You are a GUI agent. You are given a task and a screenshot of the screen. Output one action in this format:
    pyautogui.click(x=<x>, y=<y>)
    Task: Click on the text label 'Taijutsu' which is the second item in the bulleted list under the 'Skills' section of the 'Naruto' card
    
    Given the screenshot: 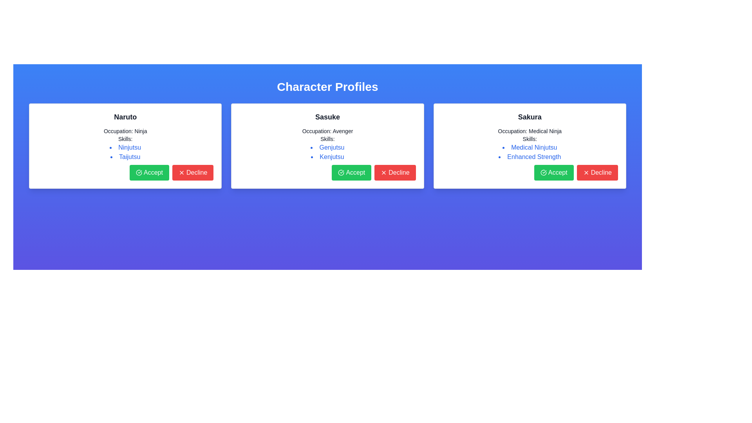 What is the action you would take?
    pyautogui.click(x=125, y=157)
    